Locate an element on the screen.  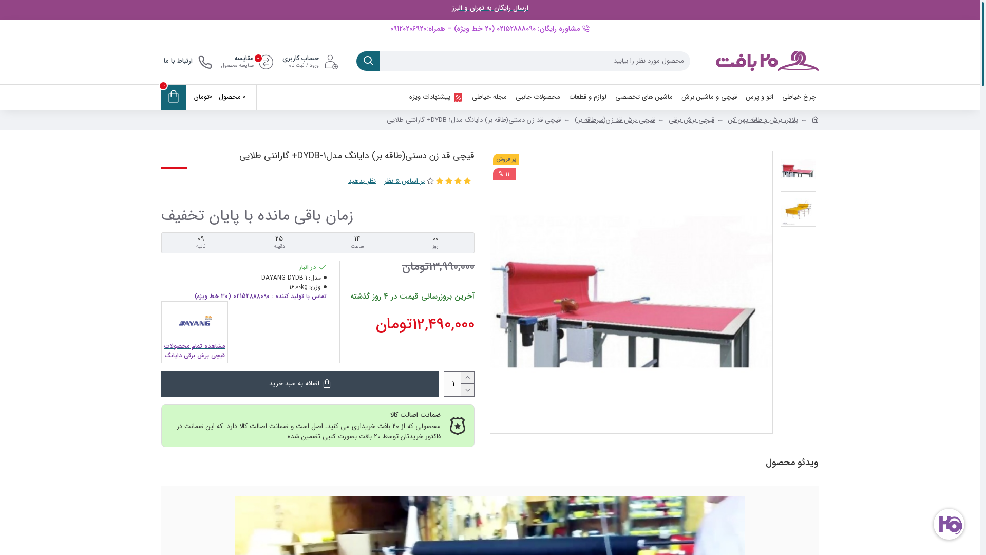
'goftino_widget' is located at coordinates (949, 524).